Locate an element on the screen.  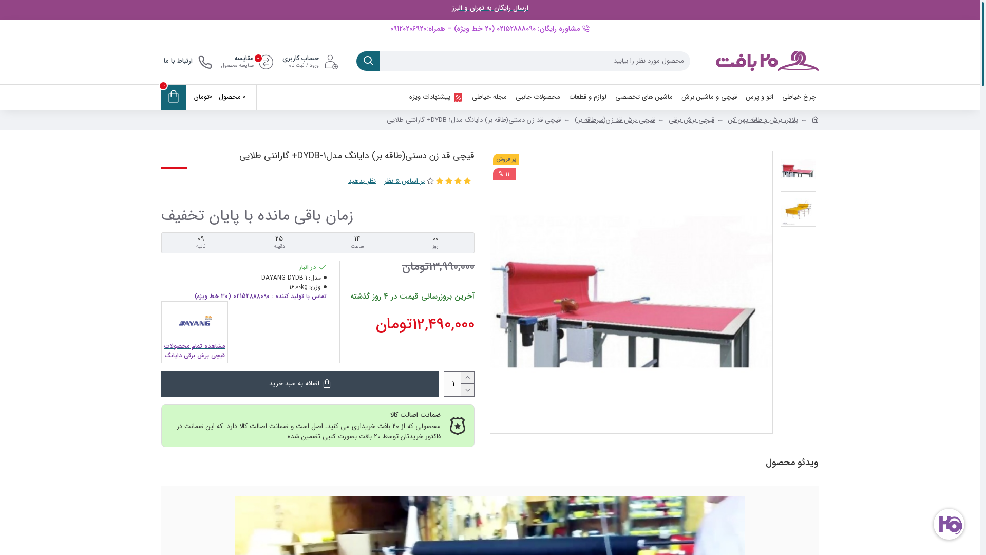
'goftino_widget' is located at coordinates (949, 524).